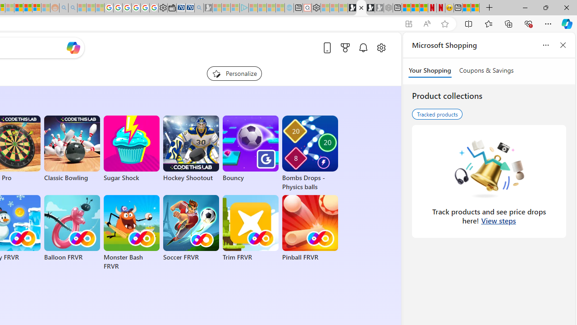 Image resolution: width=577 pixels, height=325 pixels. What do you see at coordinates (72, 228) in the screenshot?
I see `'Balloon FRVR'` at bounding box center [72, 228].